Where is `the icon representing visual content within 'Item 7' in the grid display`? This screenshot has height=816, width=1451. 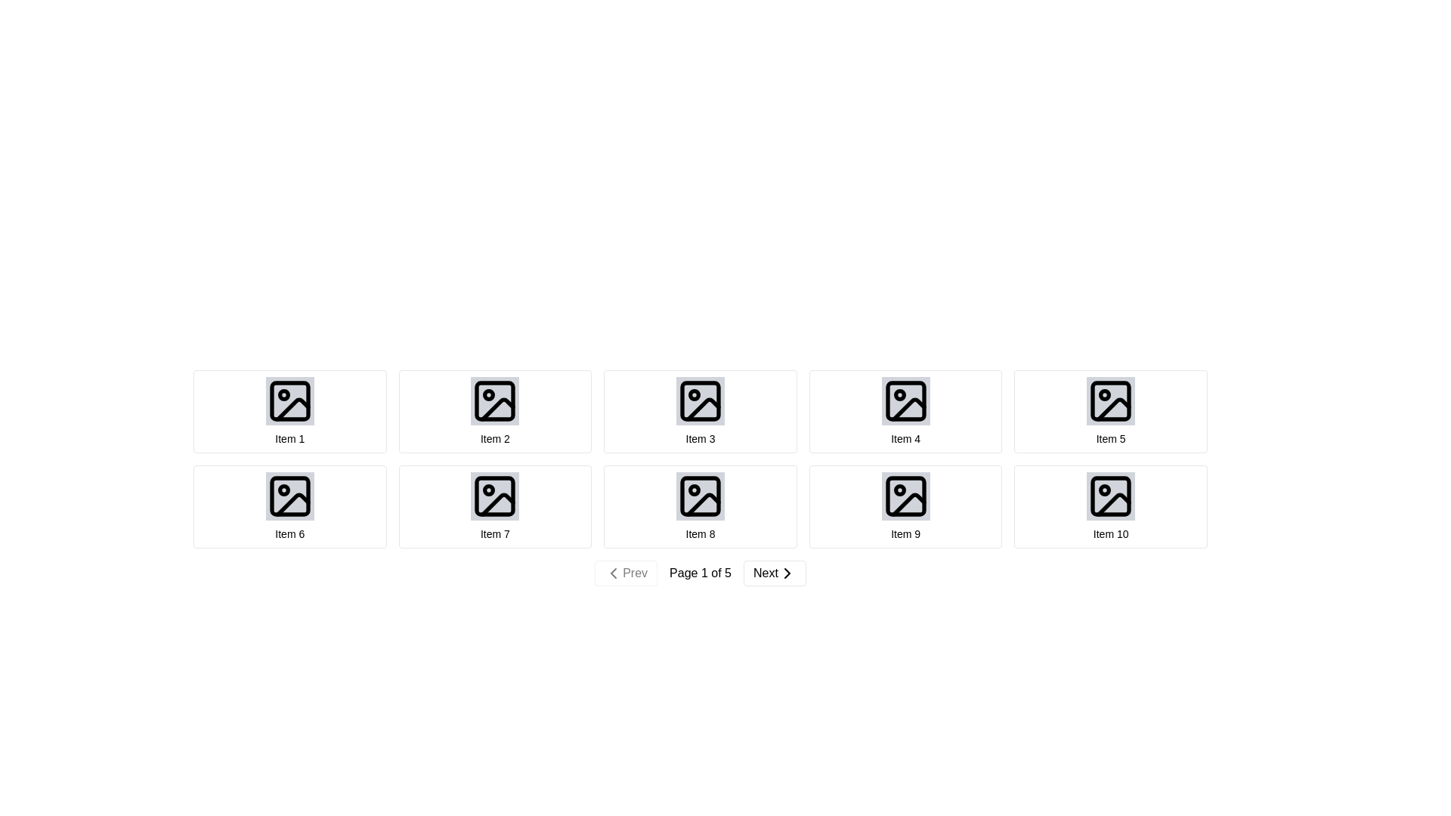 the icon representing visual content within 'Item 7' in the grid display is located at coordinates (495, 496).